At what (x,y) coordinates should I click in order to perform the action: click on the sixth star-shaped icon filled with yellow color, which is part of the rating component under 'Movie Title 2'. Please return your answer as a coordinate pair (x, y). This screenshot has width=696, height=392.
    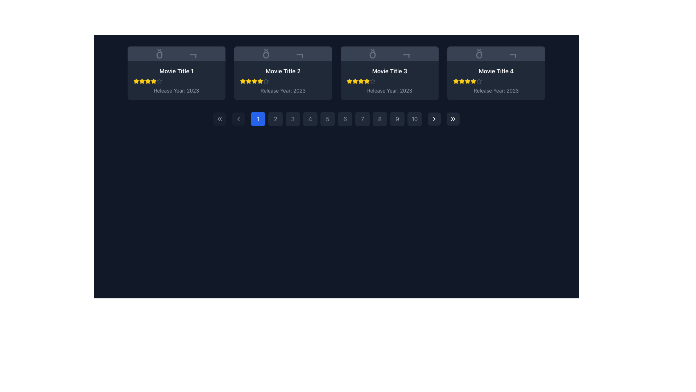
    Looking at the image, I should click on (260, 81).